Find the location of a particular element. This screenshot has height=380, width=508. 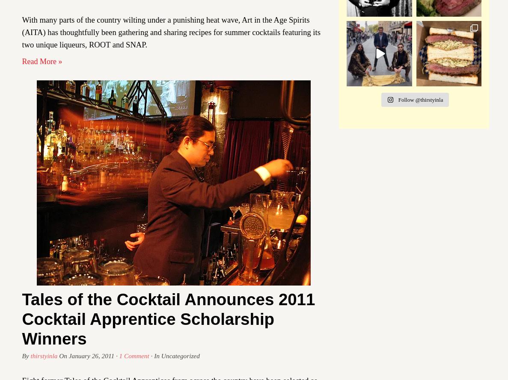

'1 Comment' is located at coordinates (134, 355).